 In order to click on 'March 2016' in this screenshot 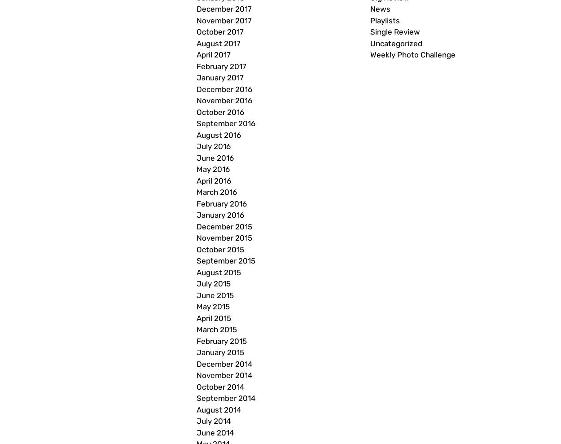, I will do `click(216, 192)`.